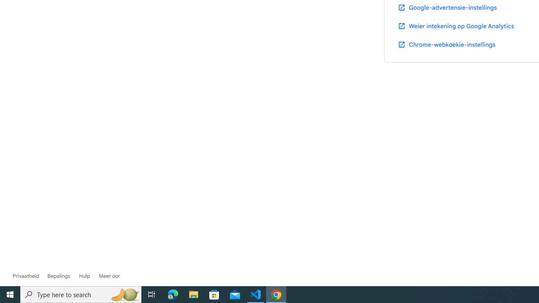 This screenshot has width=539, height=303. I want to click on 'Privaatheid', so click(26, 276).